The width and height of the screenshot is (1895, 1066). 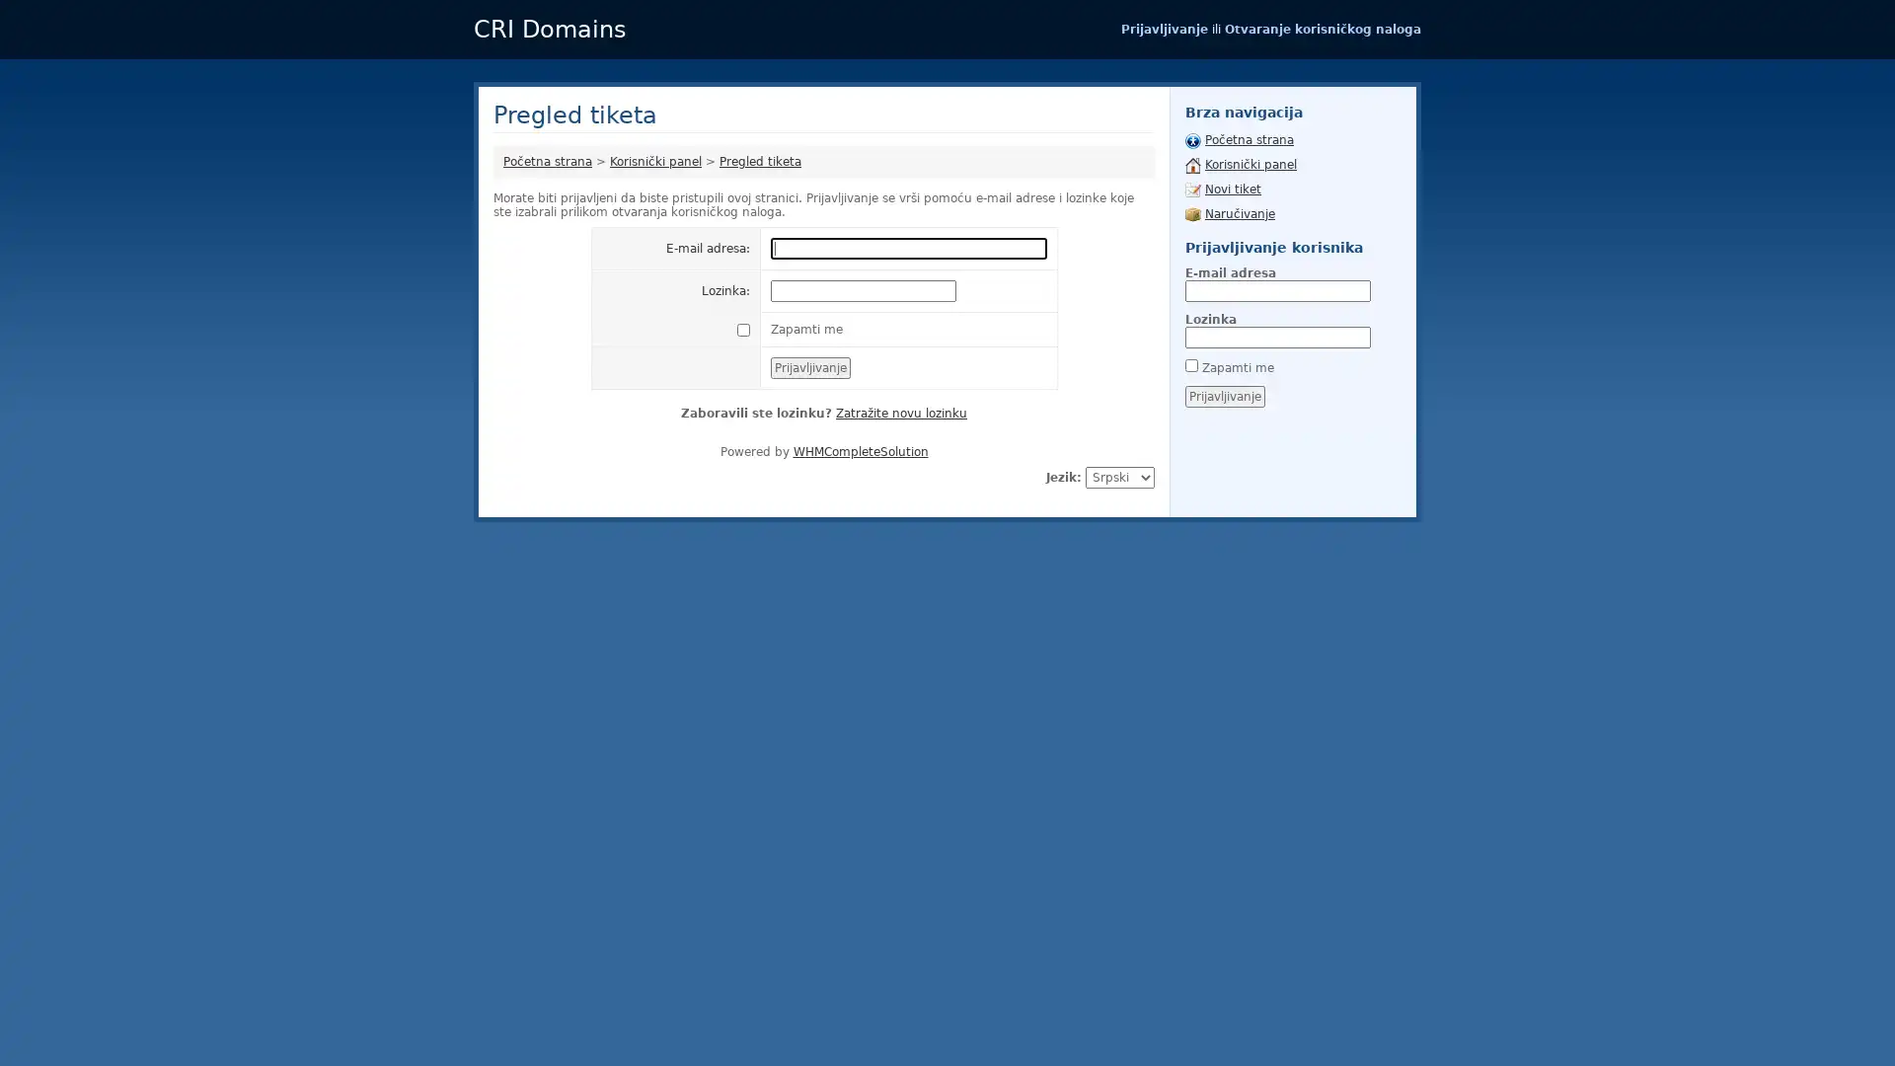 I want to click on Prijavljivanje, so click(x=809, y=368).